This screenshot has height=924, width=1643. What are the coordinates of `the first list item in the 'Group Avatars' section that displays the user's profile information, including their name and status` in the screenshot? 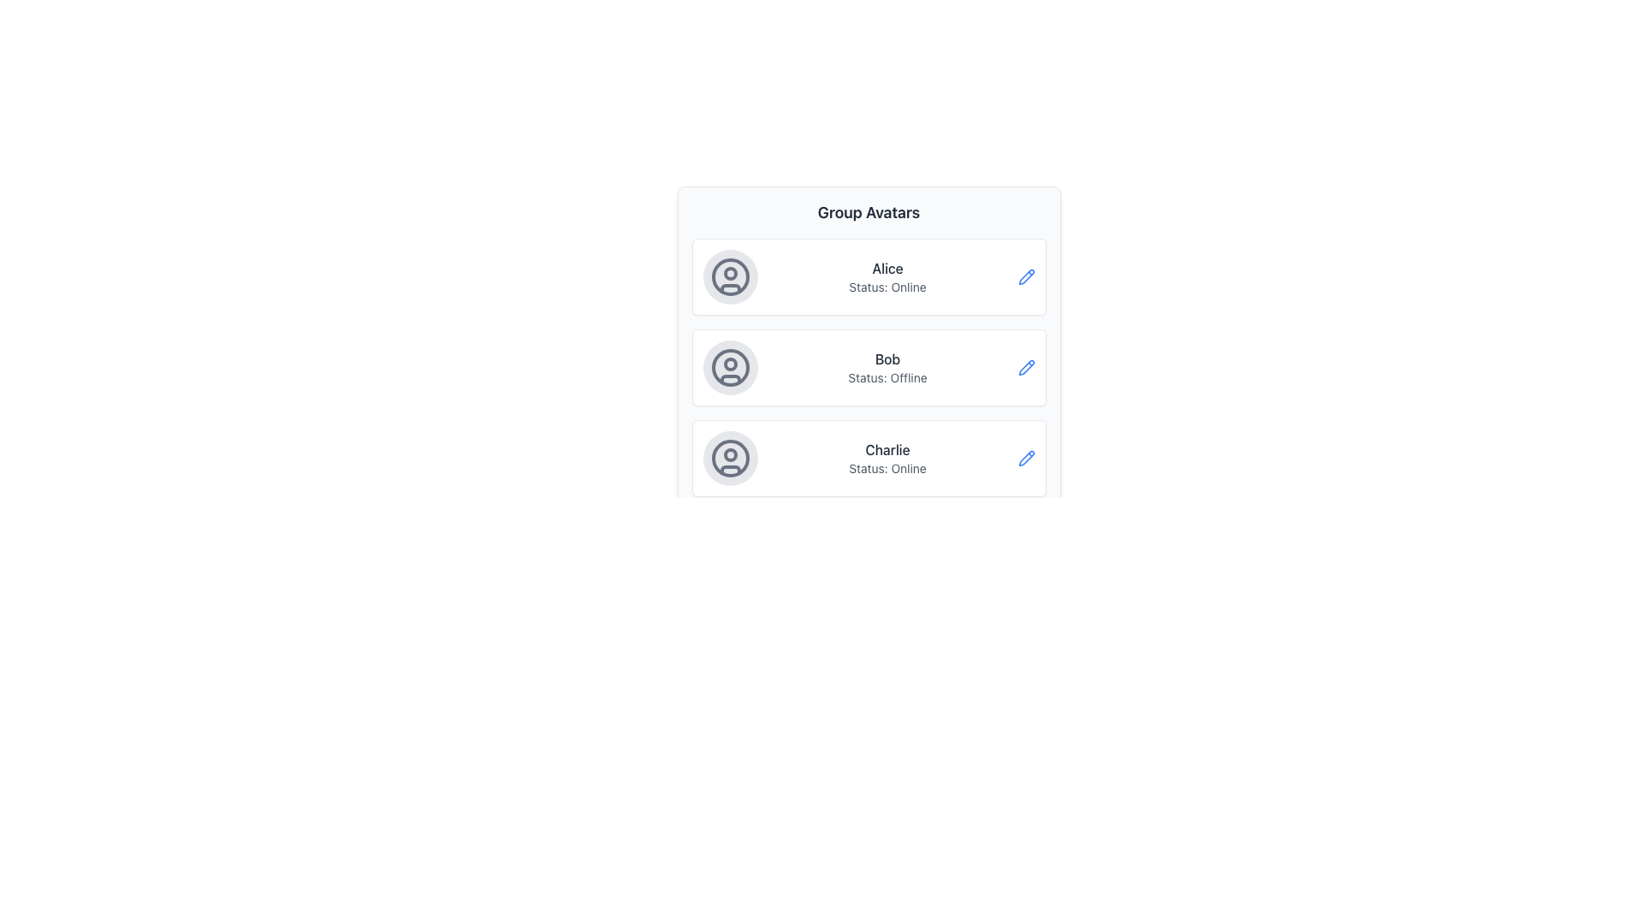 It's located at (869, 276).